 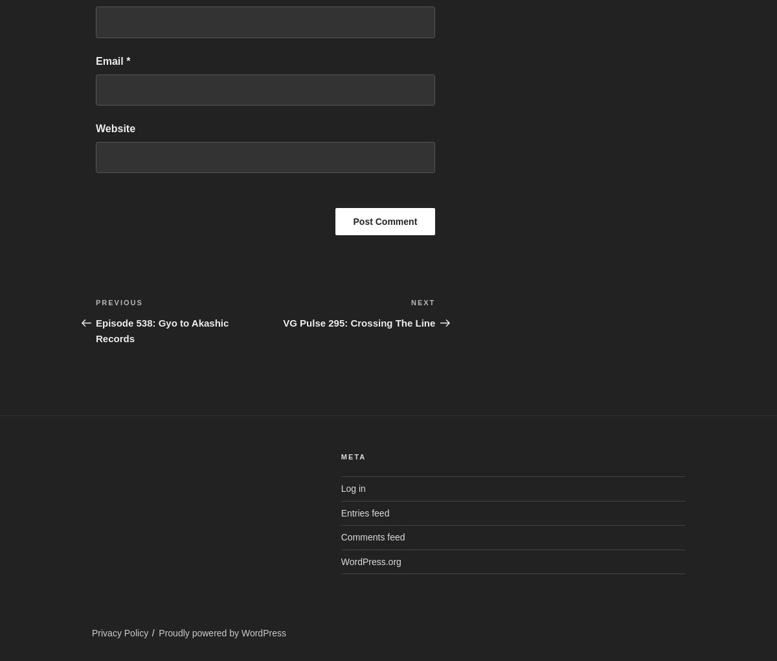 What do you see at coordinates (370, 560) in the screenshot?
I see `'WordPress.org'` at bounding box center [370, 560].